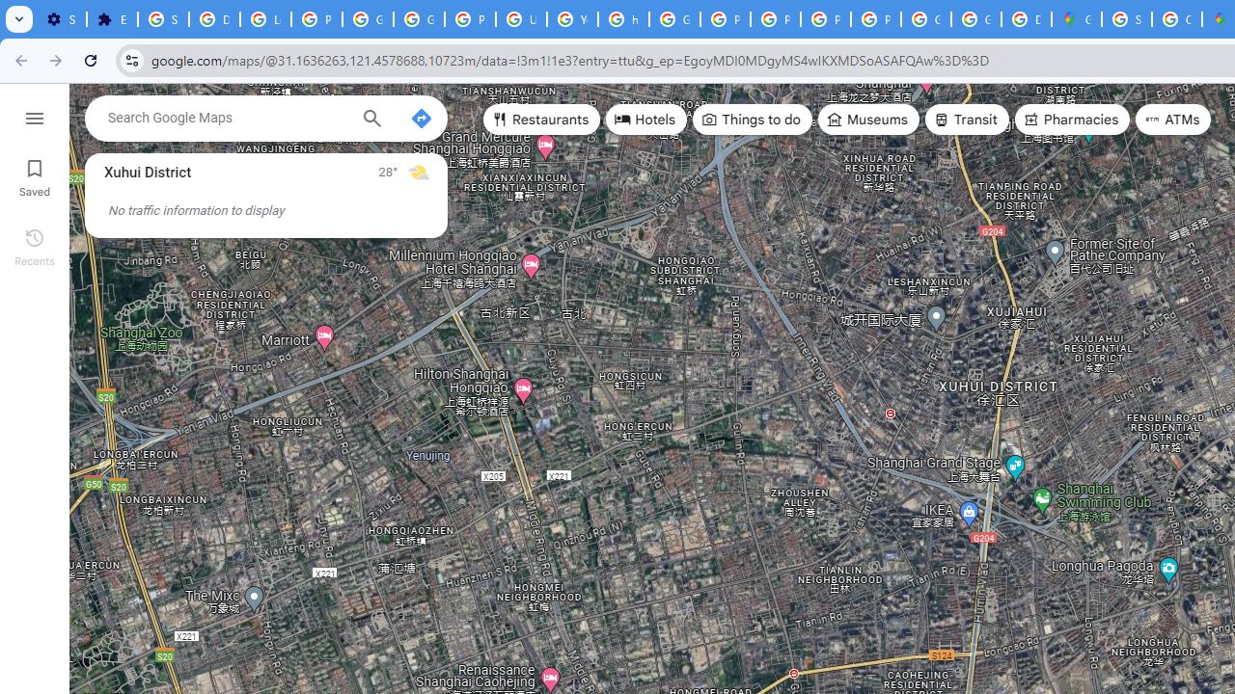  I want to click on 'Google Account Help', so click(368, 19).